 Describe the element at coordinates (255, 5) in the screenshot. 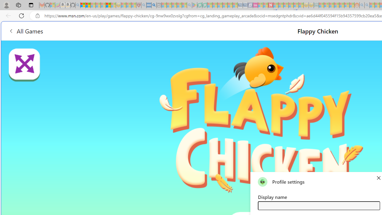

I see `'Jobs - lastminute.com Investor Portal - Sleeping'` at that location.